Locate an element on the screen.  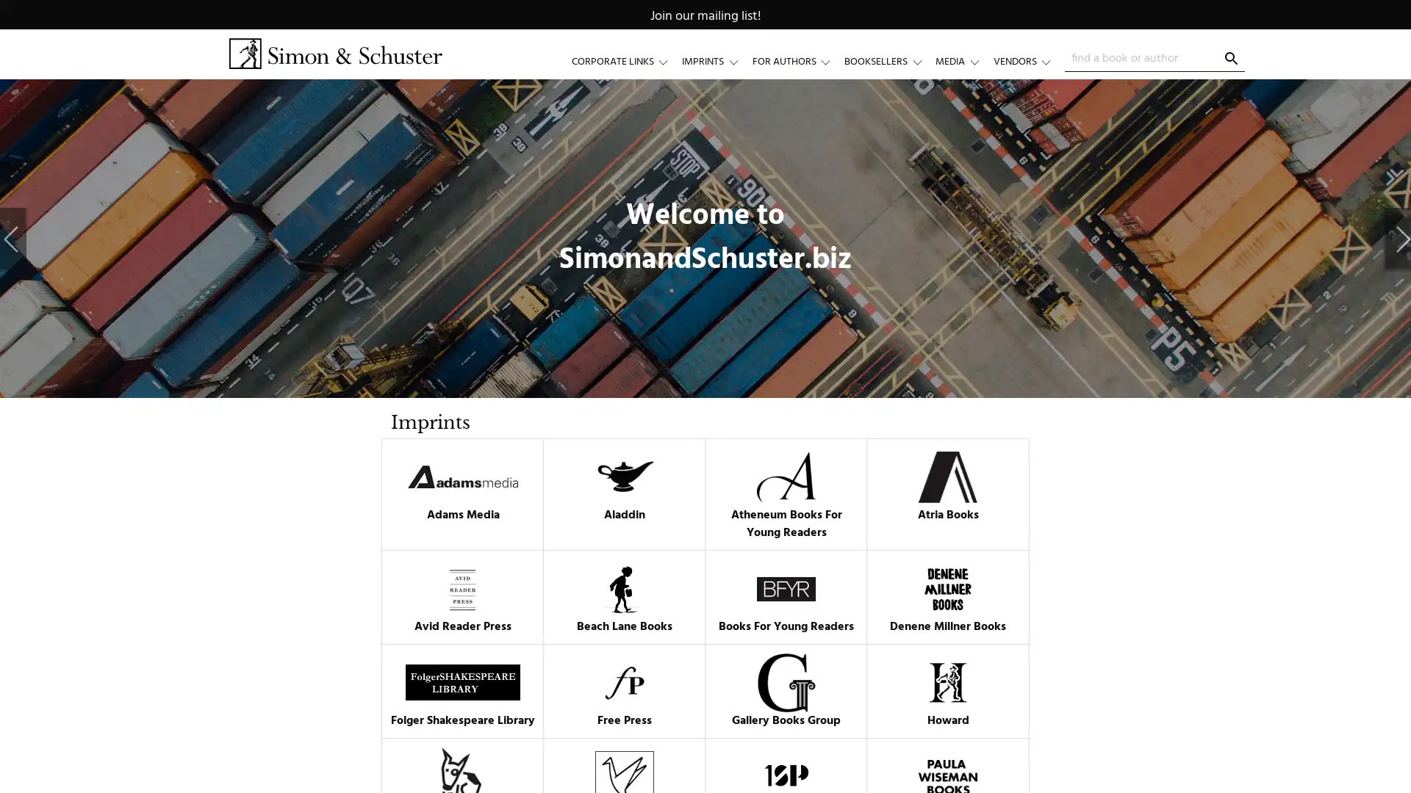
VENDORS is located at coordinates (1028, 61).